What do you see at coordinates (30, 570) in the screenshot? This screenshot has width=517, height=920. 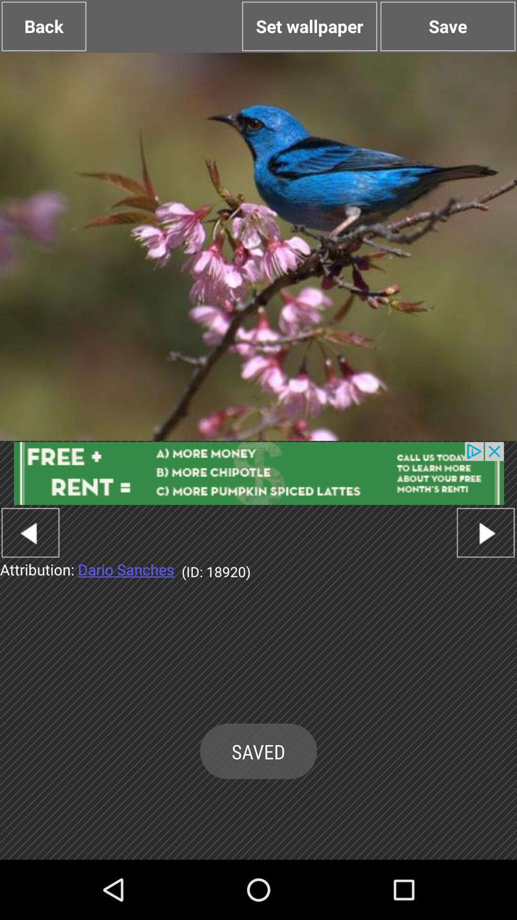 I see `the arrow_backward icon` at bounding box center [30, 570].